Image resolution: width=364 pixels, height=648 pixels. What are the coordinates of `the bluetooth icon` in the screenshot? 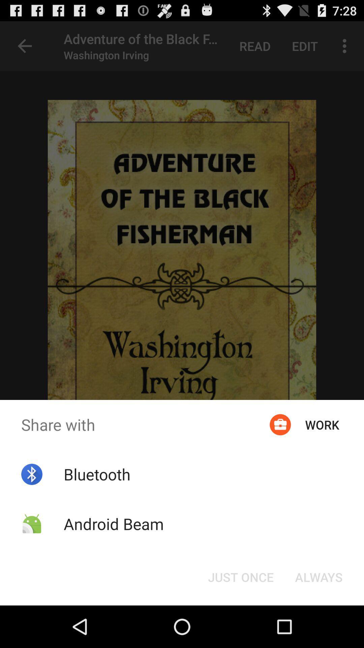 It's located at (97, 474).